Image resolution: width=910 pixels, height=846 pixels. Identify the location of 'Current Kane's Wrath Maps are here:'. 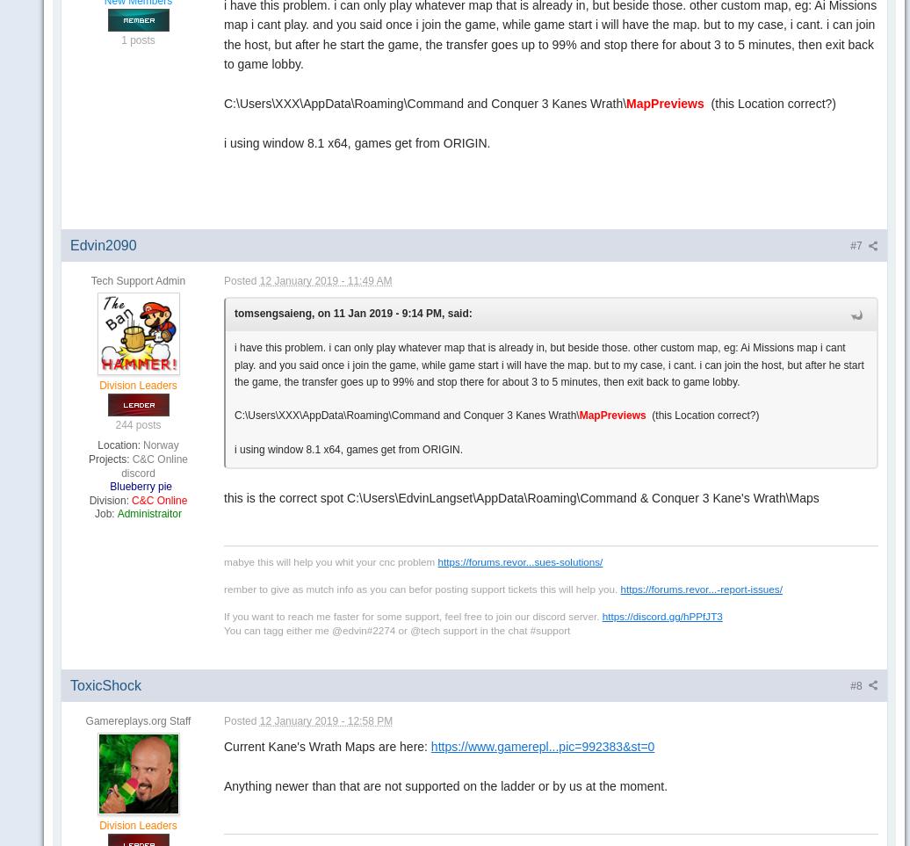
(327, 747).